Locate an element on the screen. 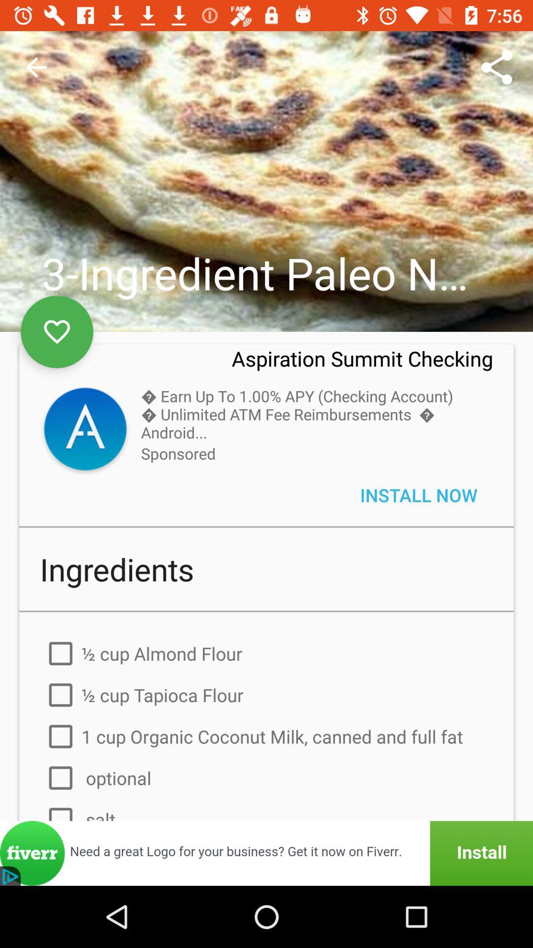 This screenshot has height=948, width=533. the favorite icon is located at coordinates (57, 332).